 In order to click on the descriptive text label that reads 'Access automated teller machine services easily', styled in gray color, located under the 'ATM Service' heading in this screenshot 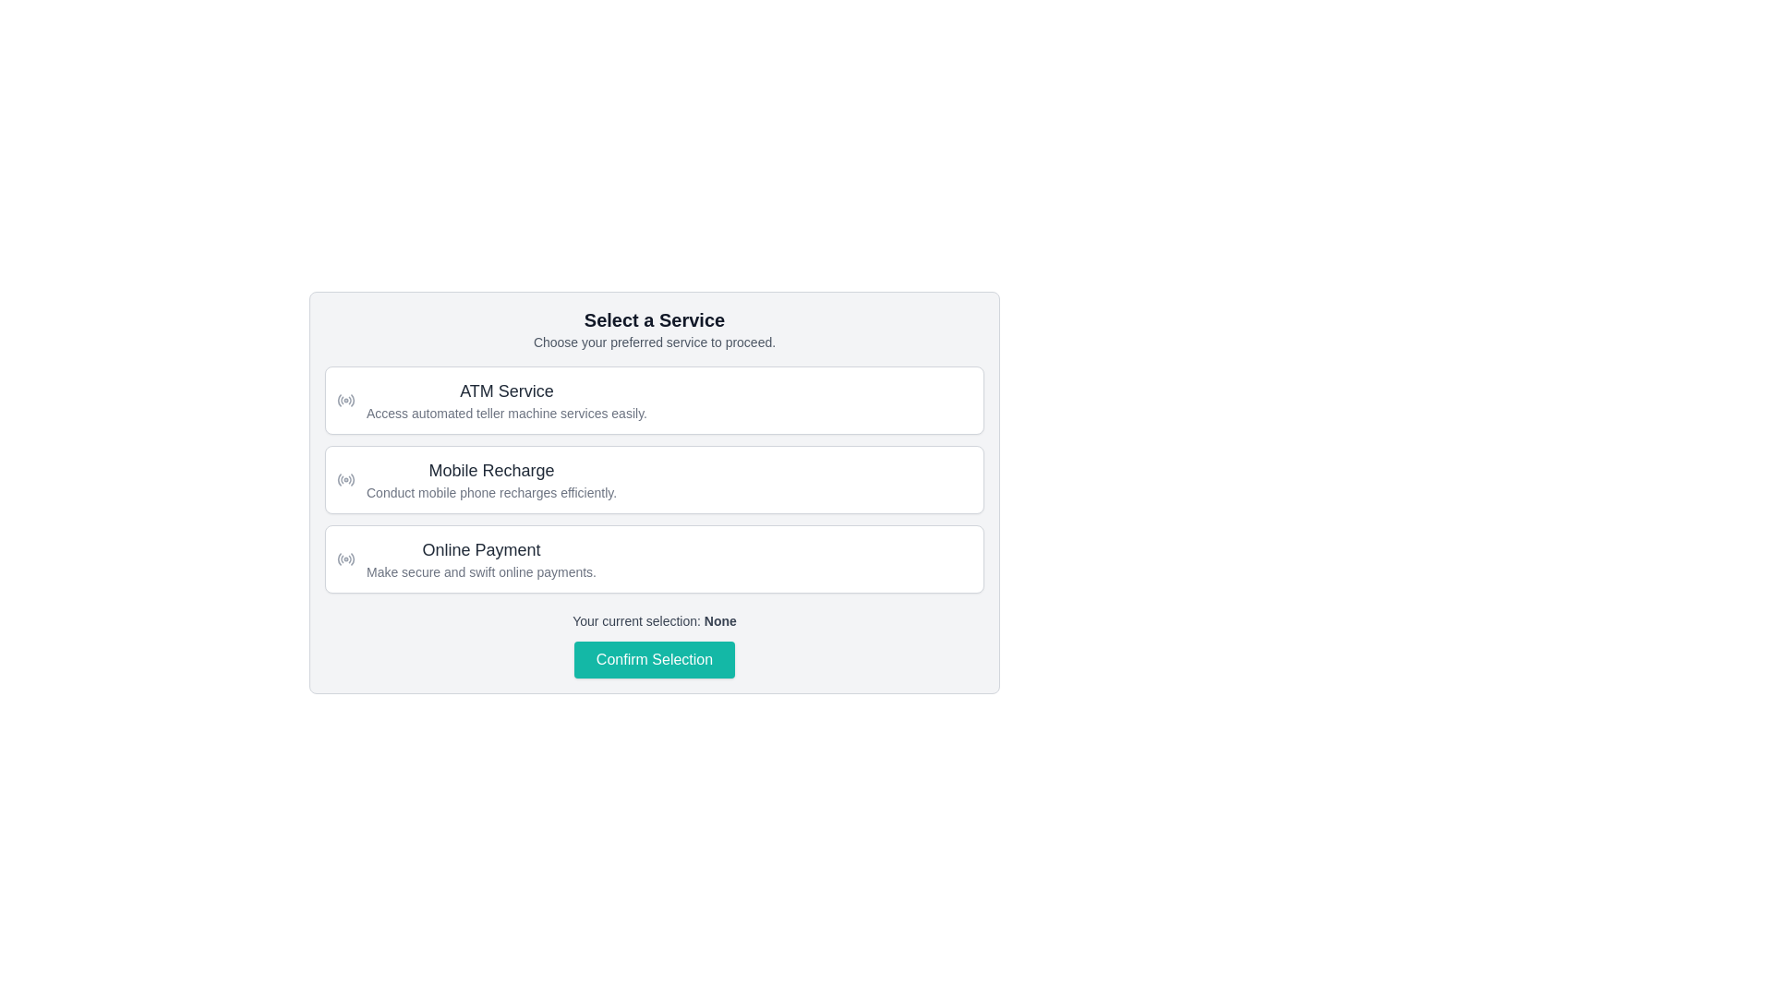, I will do `click(506, 412)`.